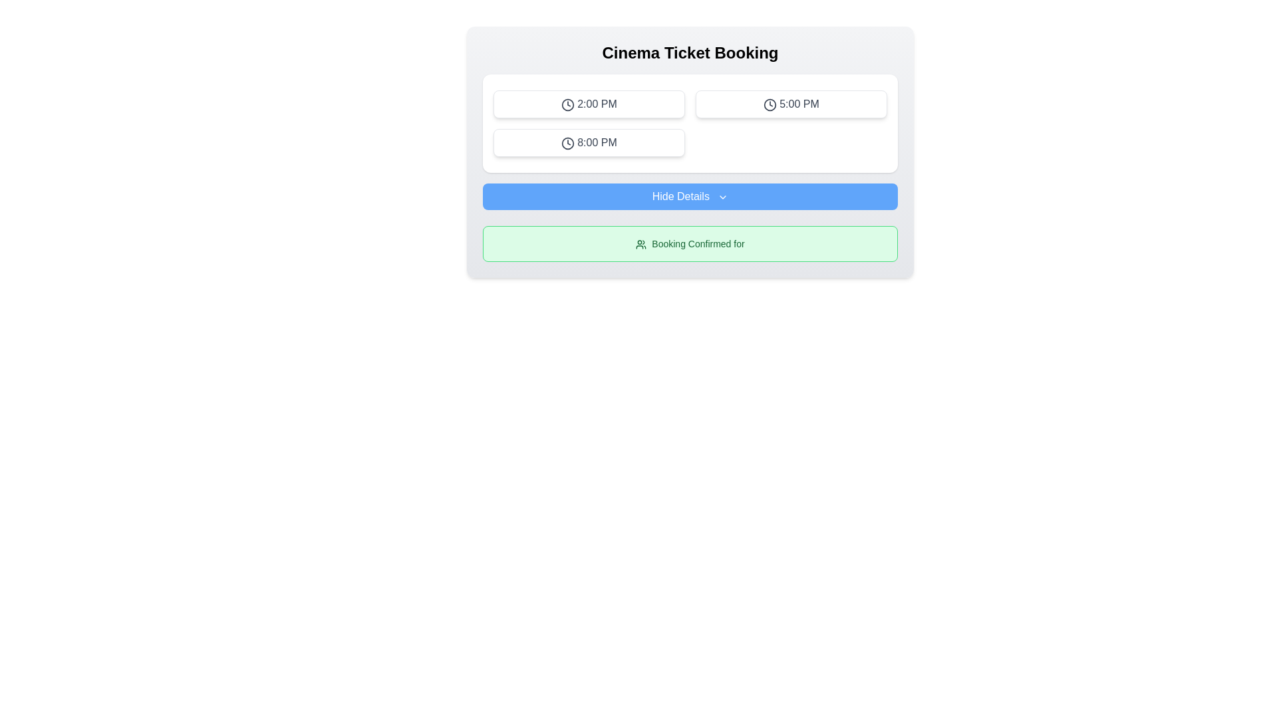 Image resolution: width=1277 pixels, height=718 pixels. What do you see at coordinates (690, 243) in the screenshot?
I see `the Notification box, which serves as a visual confirmation message indicating that a booking has been confirmed, located below the blue button labeled 'Hide Details'` at bounding box center [690, 243].